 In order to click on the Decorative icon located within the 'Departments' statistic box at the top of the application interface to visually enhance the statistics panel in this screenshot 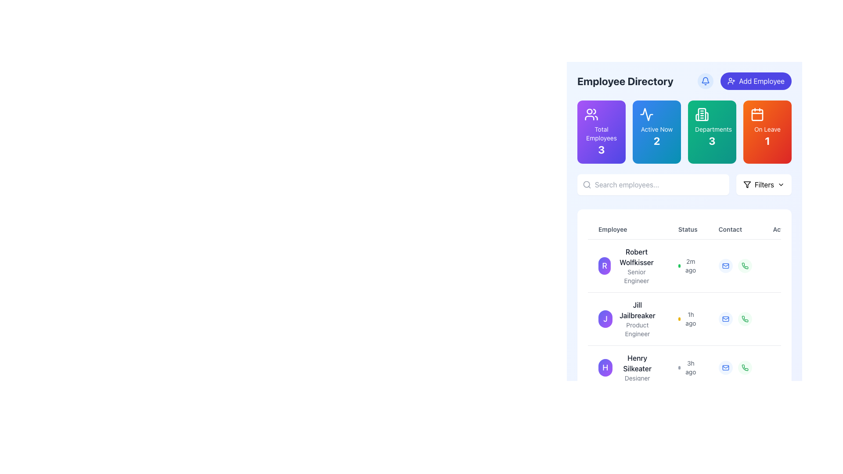, I will do `click(701, 114)`.